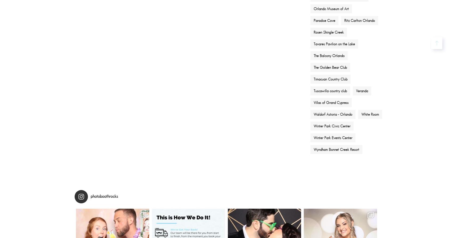 The width and height of the screenshot is (453, 238). What do you see at coordinates (313, 102) in the screenshot?
I see `'Villas of Grand Cypress'` at bounding box center [313, 102].